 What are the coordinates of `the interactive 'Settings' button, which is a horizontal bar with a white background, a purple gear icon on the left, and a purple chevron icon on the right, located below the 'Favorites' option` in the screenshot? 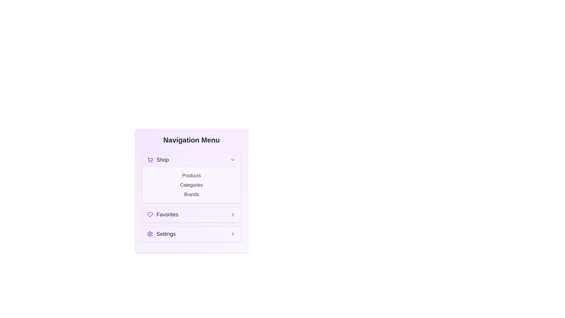 It's located at (192, 233).